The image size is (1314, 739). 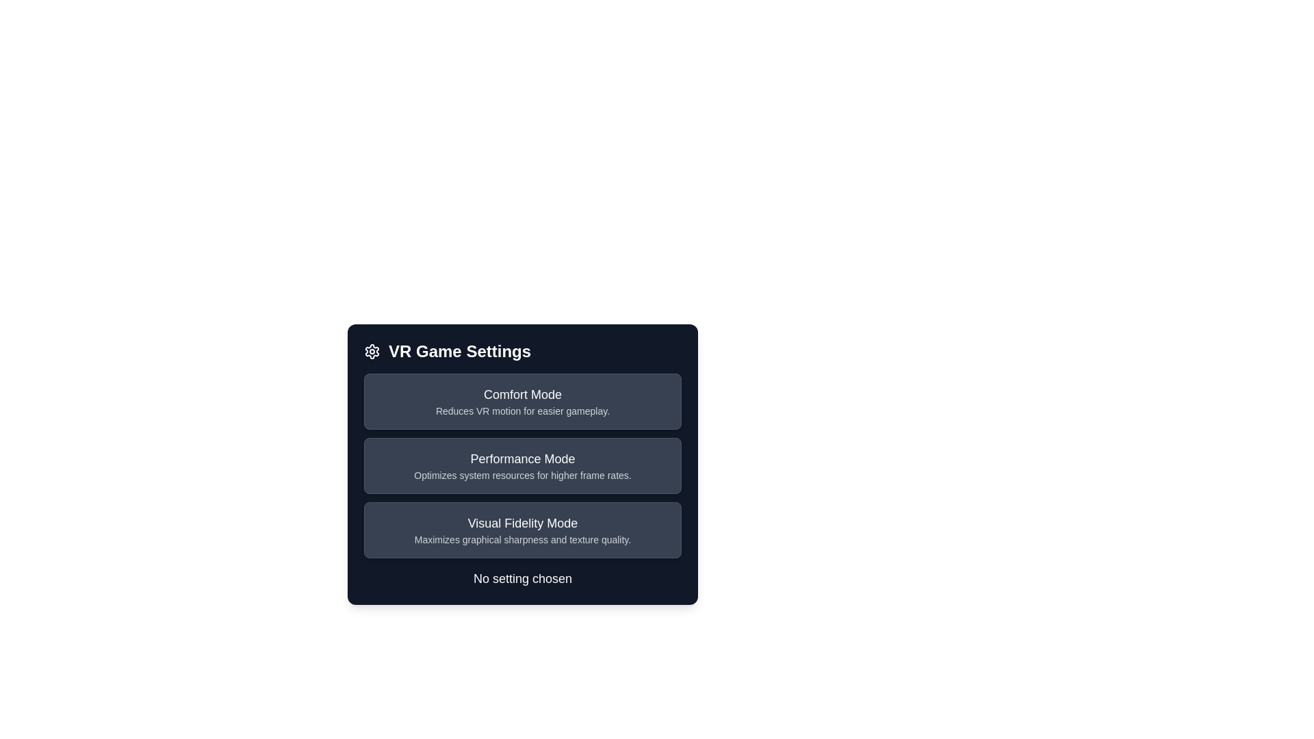 I want to click on the text label stating 'Reduces VR motion for easier gameplay.' located beneath the 'Comfort Mode' title within the 'Comfort Mode' button, so click(x=521, y=411).